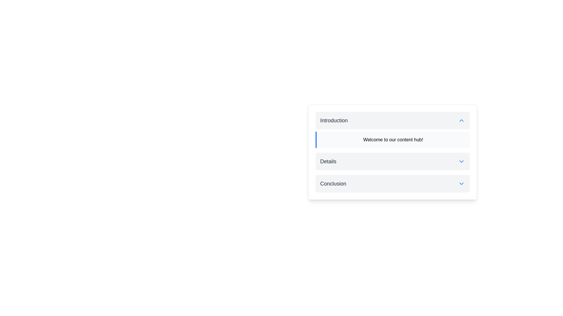 This screenshot has height=316, width=563. Describe the element at coordinates (461, 161) in the screenshot. I see `the blue downward-pointing chevron icon located to the right of the 'Details' section label` at that location.